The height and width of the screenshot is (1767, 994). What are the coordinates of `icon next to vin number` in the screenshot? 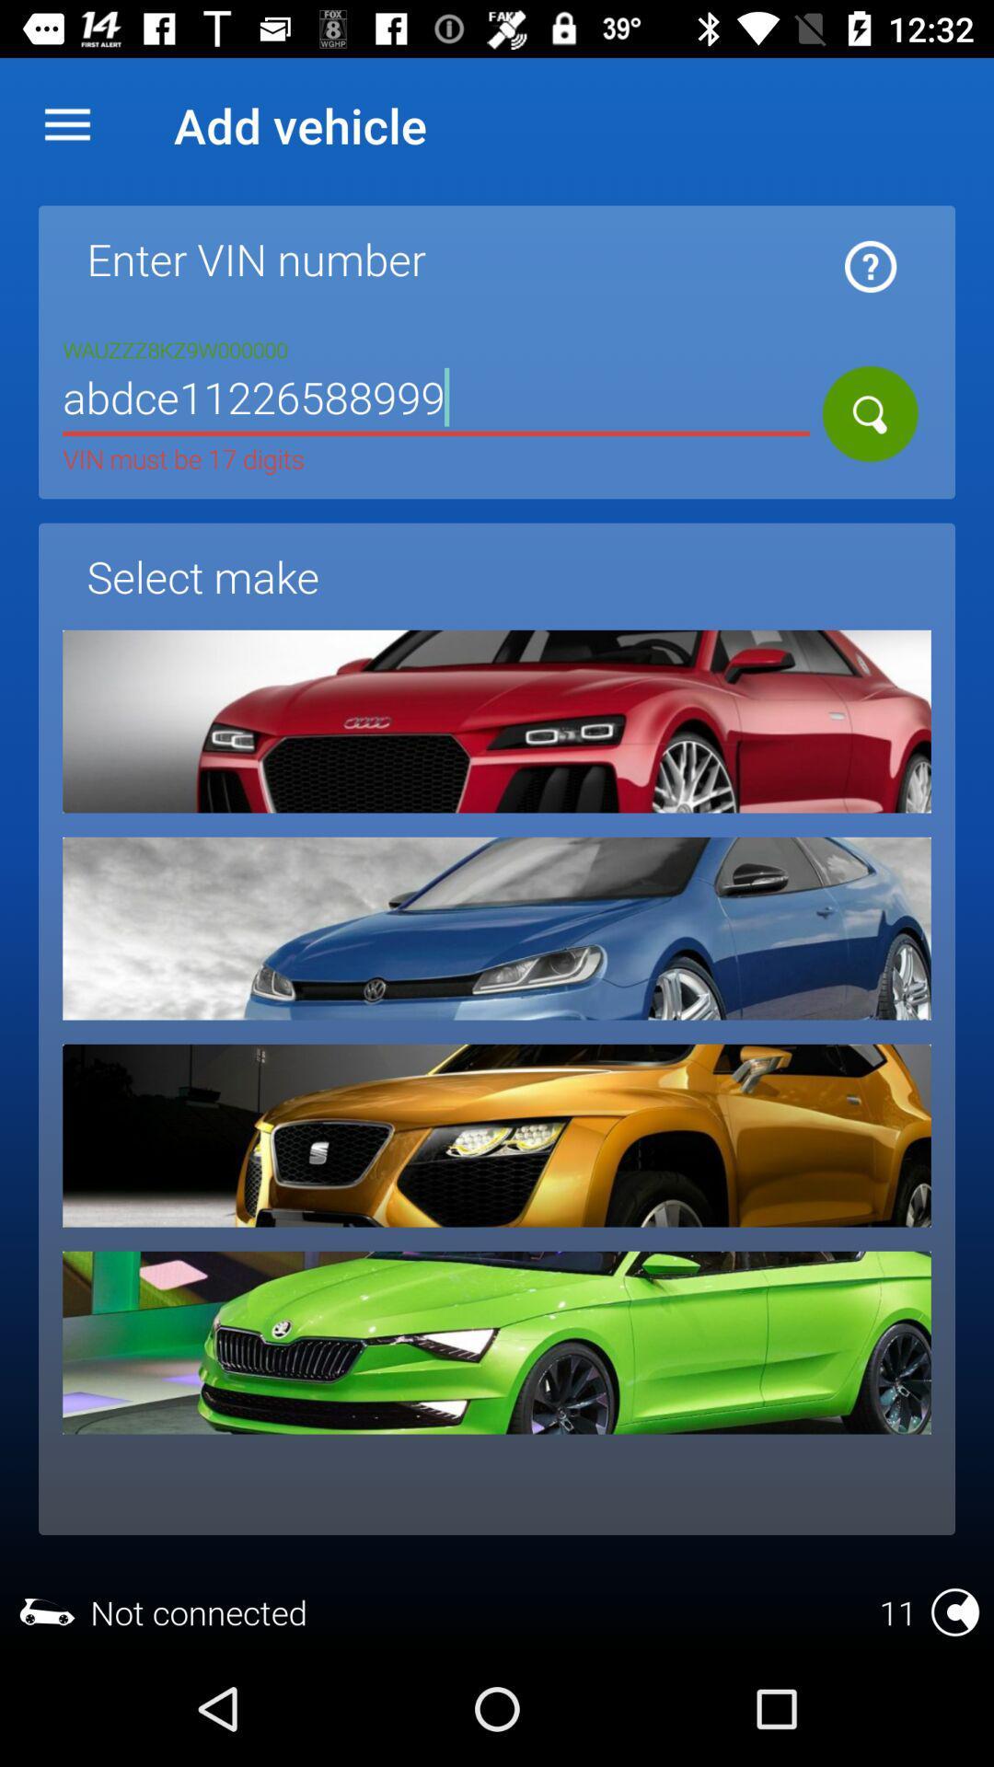 It's located at (870, 265).